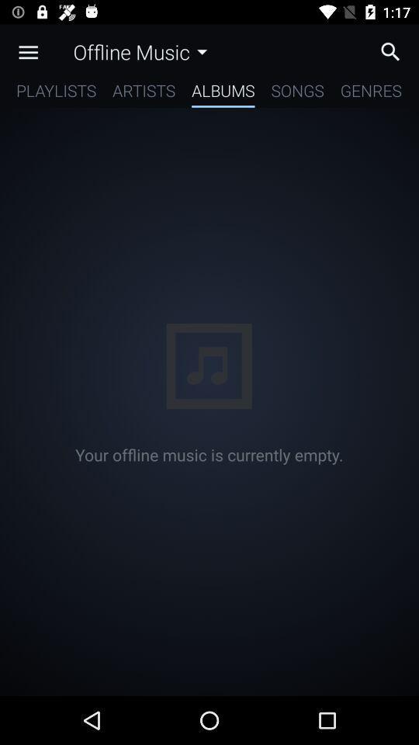 This screenshot has width=419, height=745. I want to click on item to the left of the genres, so click(297, 93).